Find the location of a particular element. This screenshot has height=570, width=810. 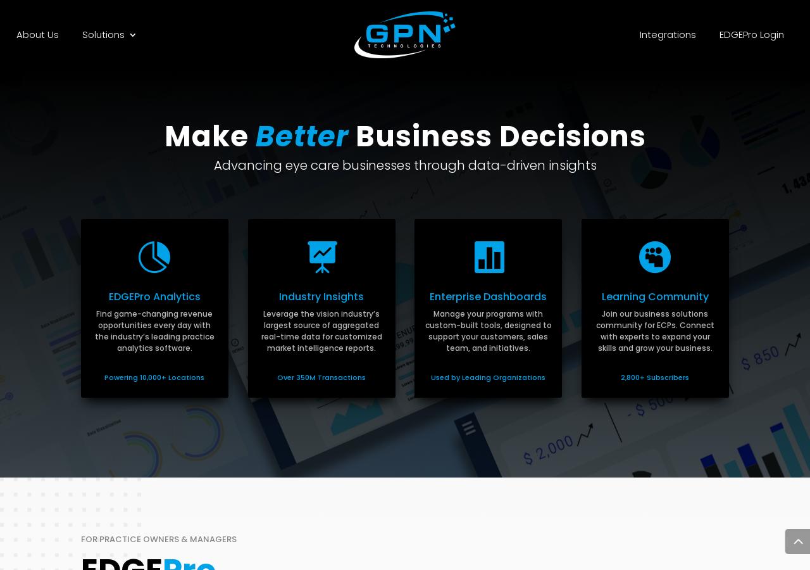

'About Us' is located at coordinates (37, 33).